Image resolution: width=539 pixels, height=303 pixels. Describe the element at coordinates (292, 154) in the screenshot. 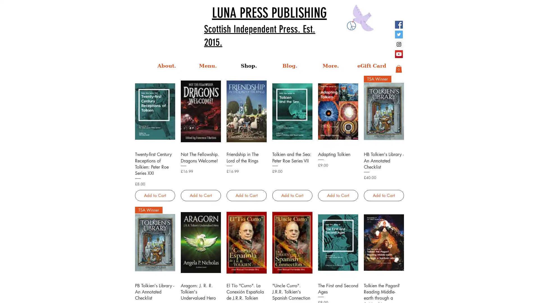

I see `Quick View` at that location.